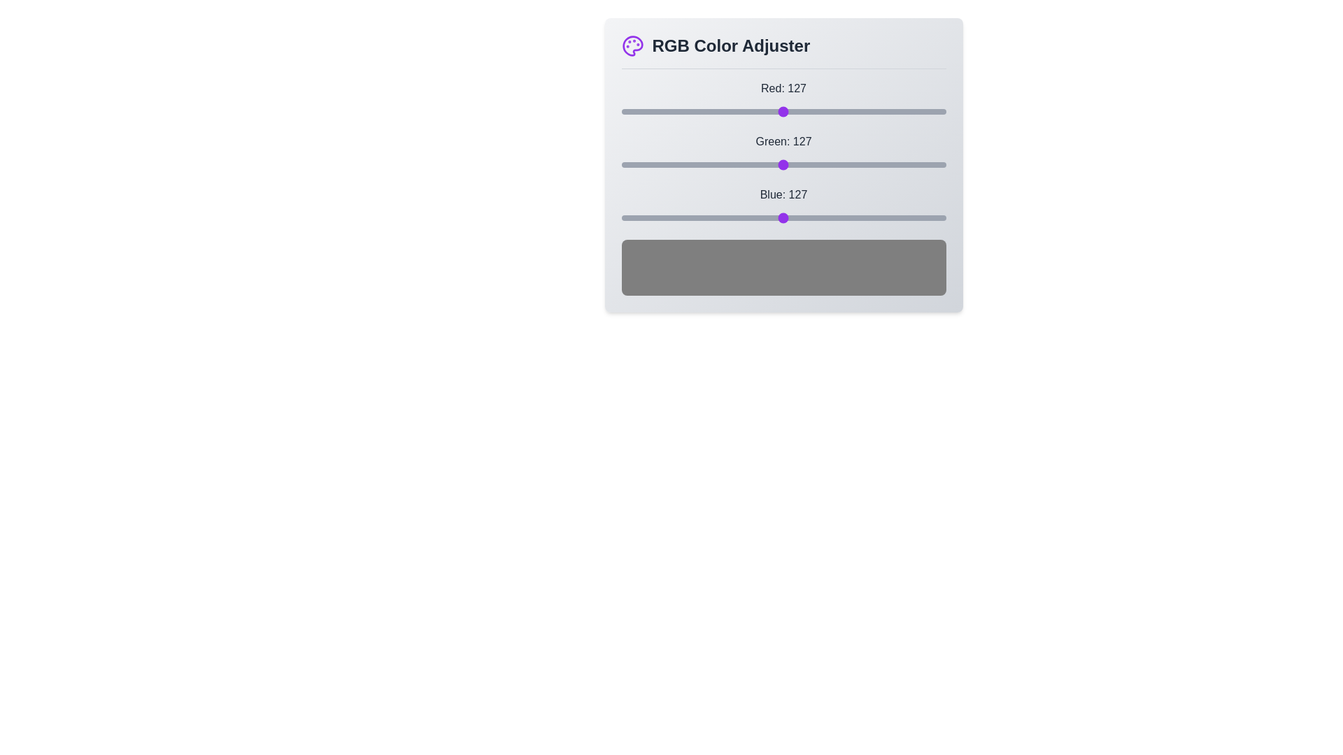 This screenshot has height=755, width=1343. Describe the element at coordinates (760, 110) in the screenshot. I see `the red slider to set the red component to 110` at that location.